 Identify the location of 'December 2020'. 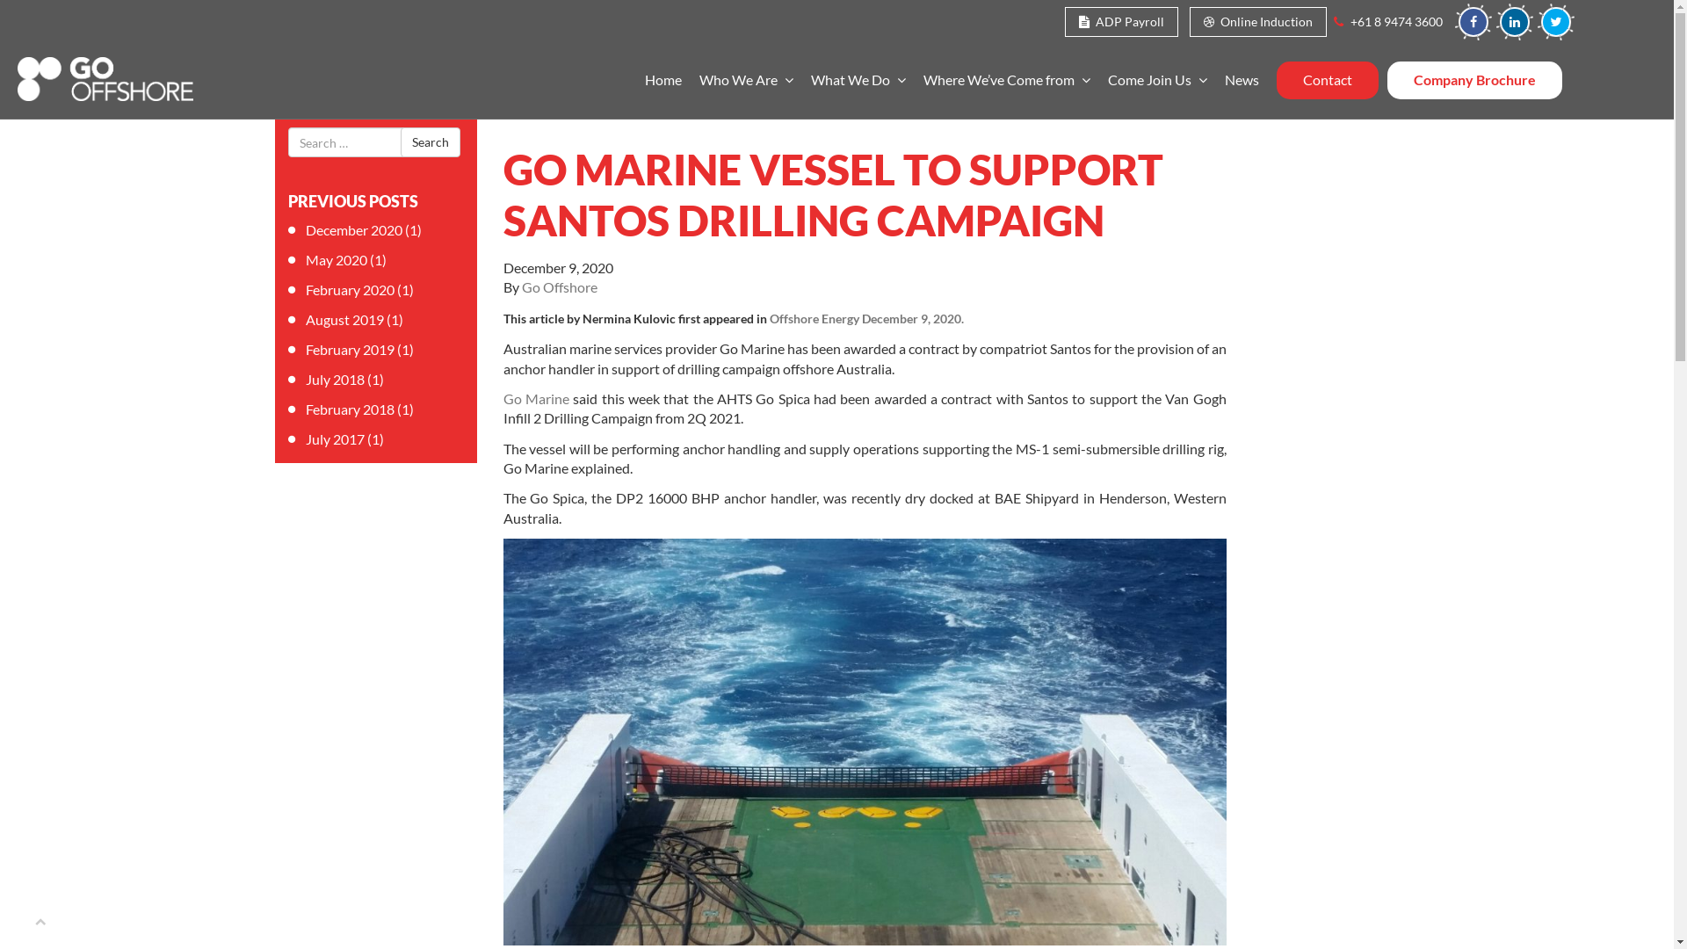
(353, 228).